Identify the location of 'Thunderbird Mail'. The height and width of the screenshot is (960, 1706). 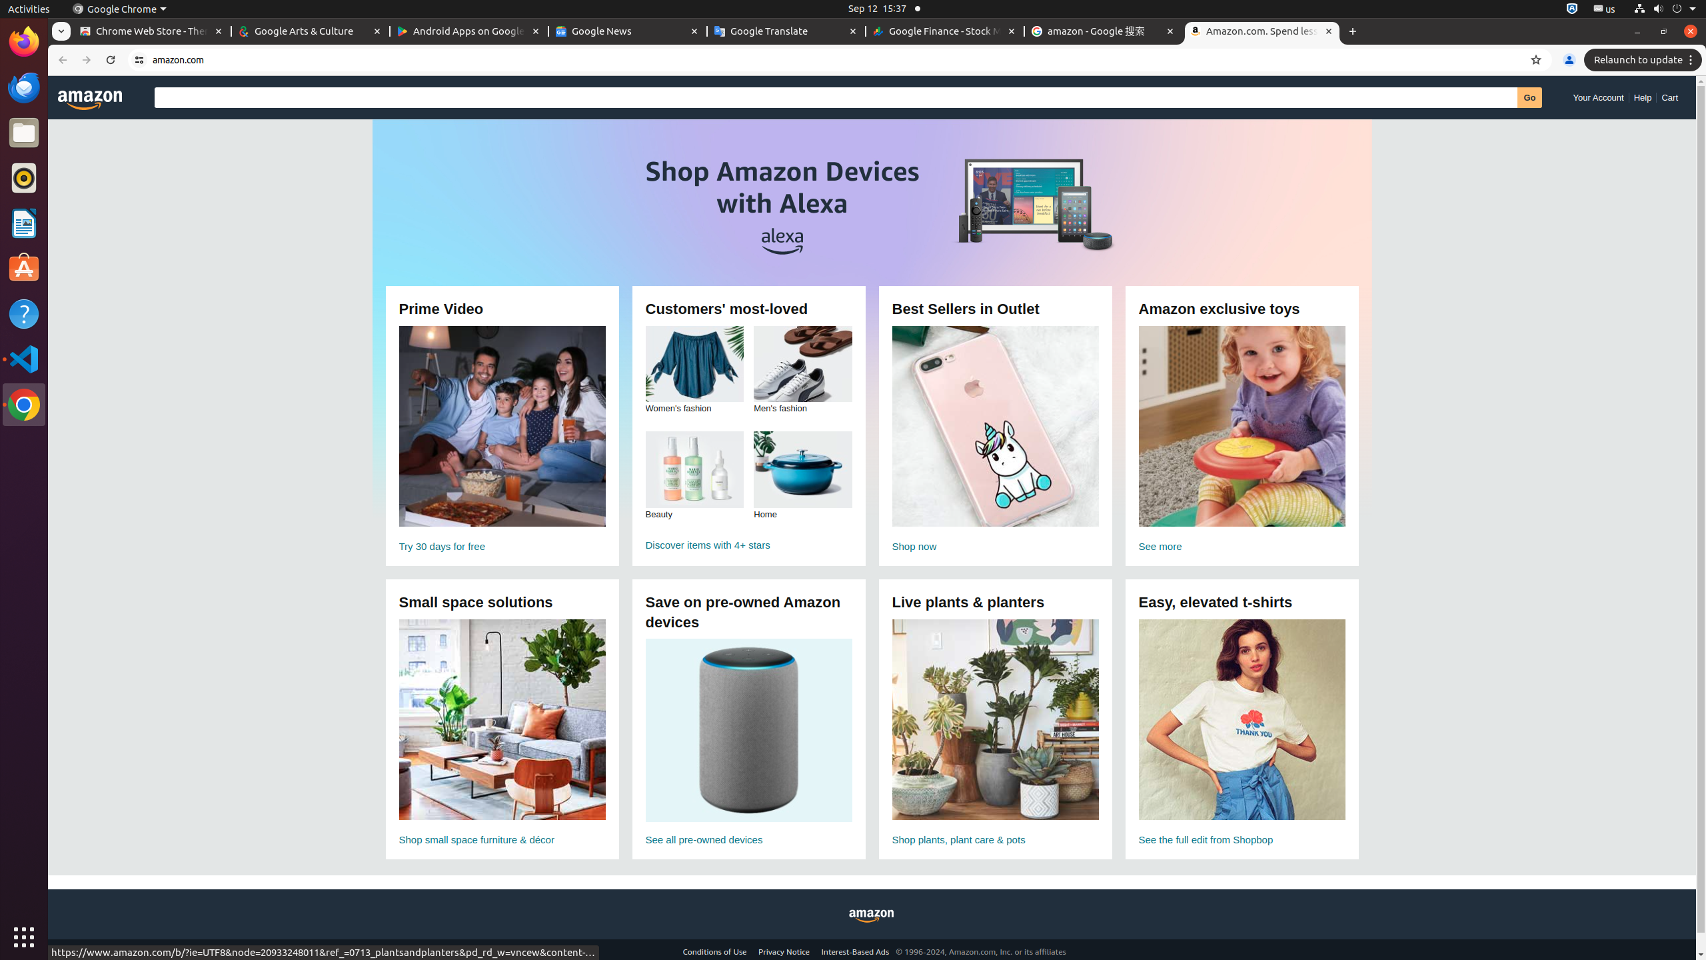
(24, 87).